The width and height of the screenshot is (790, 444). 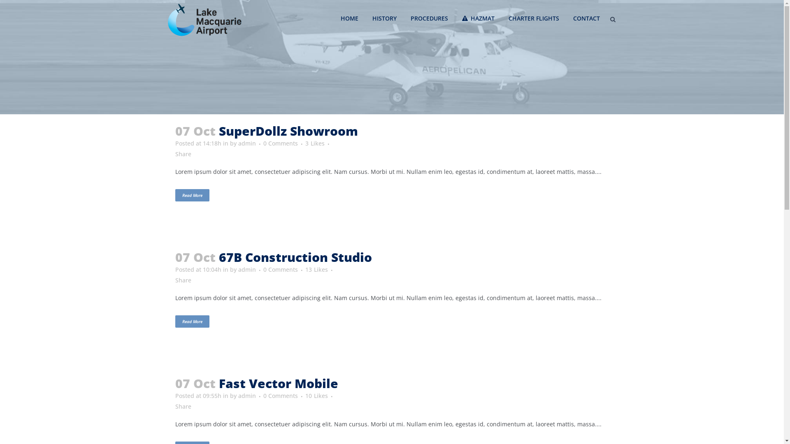 What do you see at coordinates (305, 143) in the screenshot?
I see `'3 Likes'` at bounding box center [305, 143].